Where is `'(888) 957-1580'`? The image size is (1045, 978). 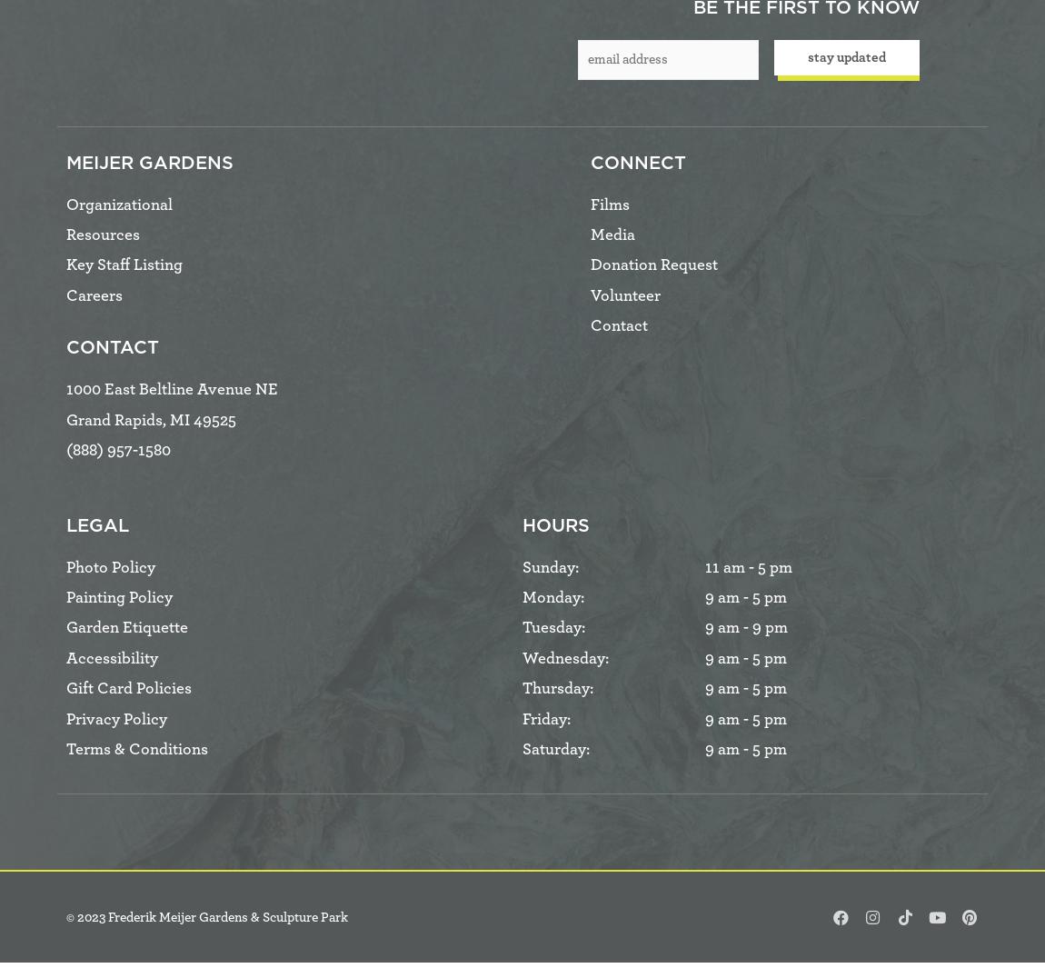
'(888) 957-1580' is located at coordinates (117, 451).